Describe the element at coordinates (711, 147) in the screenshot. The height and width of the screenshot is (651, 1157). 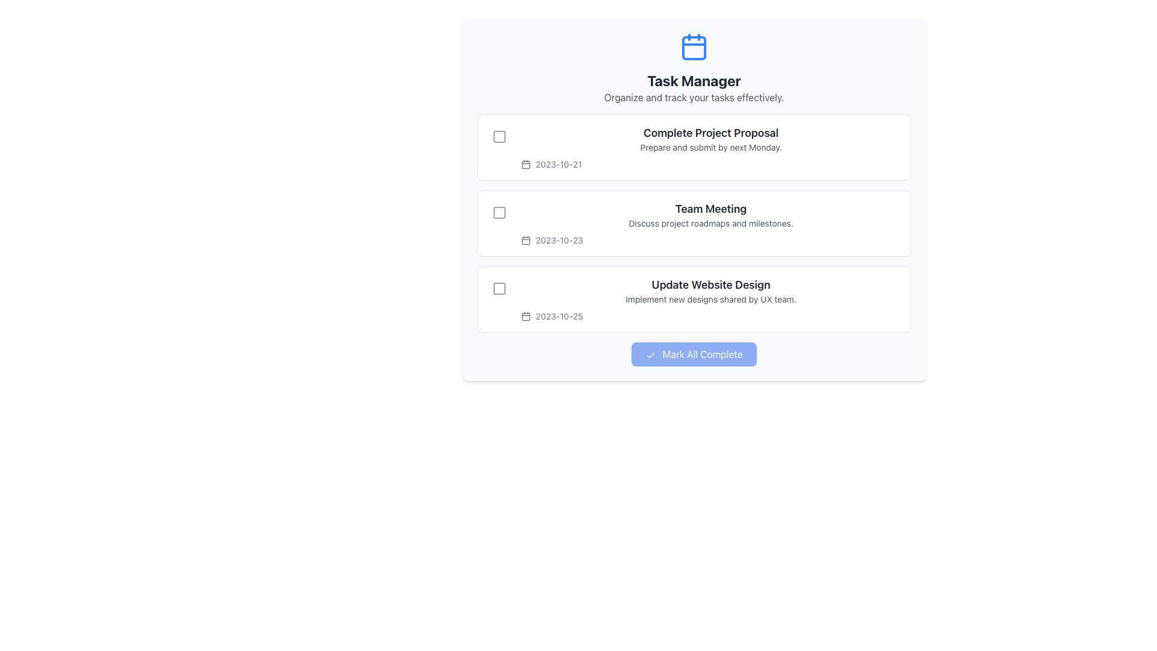
I see `the first task item in the task management interface` at that location.